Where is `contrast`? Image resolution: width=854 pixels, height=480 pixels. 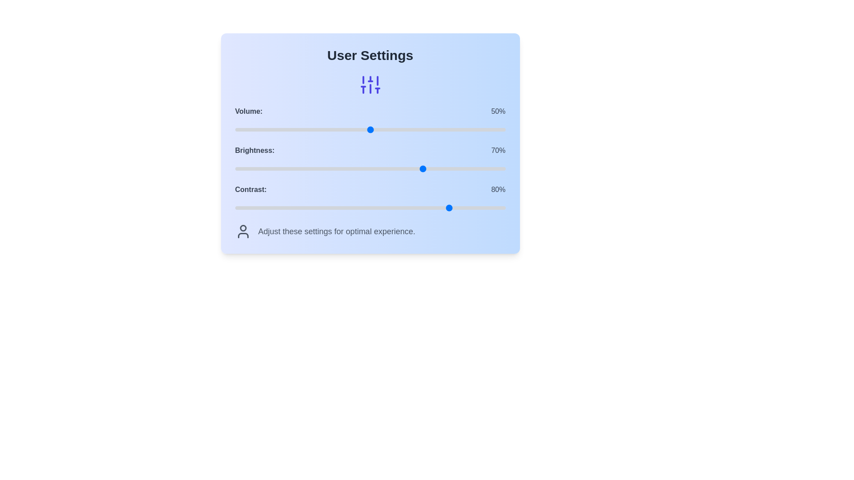 contrast is located at coordinates (386, 208).